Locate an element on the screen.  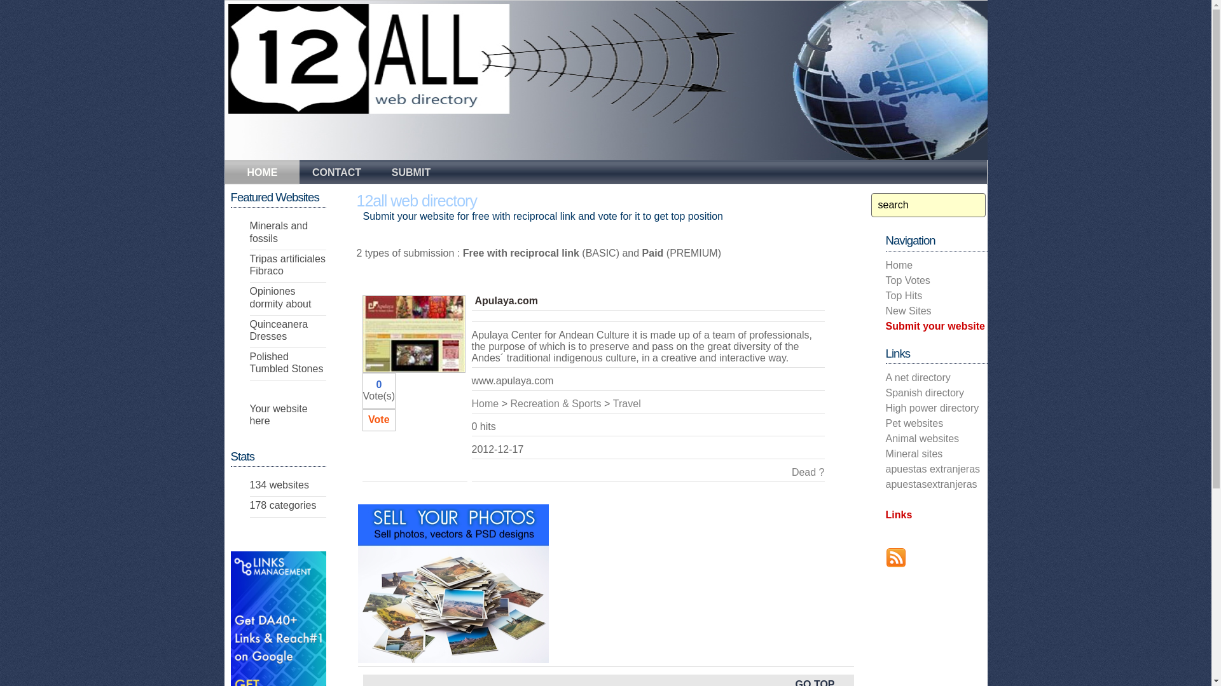
'Apulaya.com' is located at coordinates (473, 300).